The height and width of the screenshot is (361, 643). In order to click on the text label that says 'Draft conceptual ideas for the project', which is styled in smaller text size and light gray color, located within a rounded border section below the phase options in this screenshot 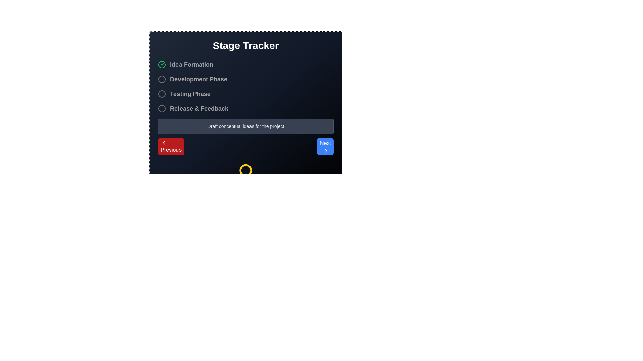, I will do `click(245, 126)`.